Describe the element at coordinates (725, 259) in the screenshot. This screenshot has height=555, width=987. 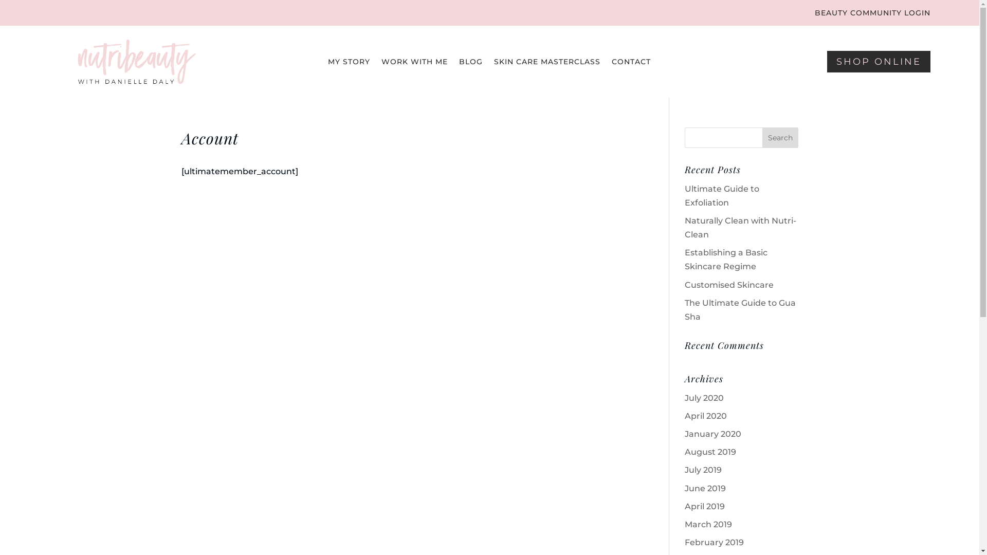
I see `'Establishing a Basic Skincare Regime'` at that location.